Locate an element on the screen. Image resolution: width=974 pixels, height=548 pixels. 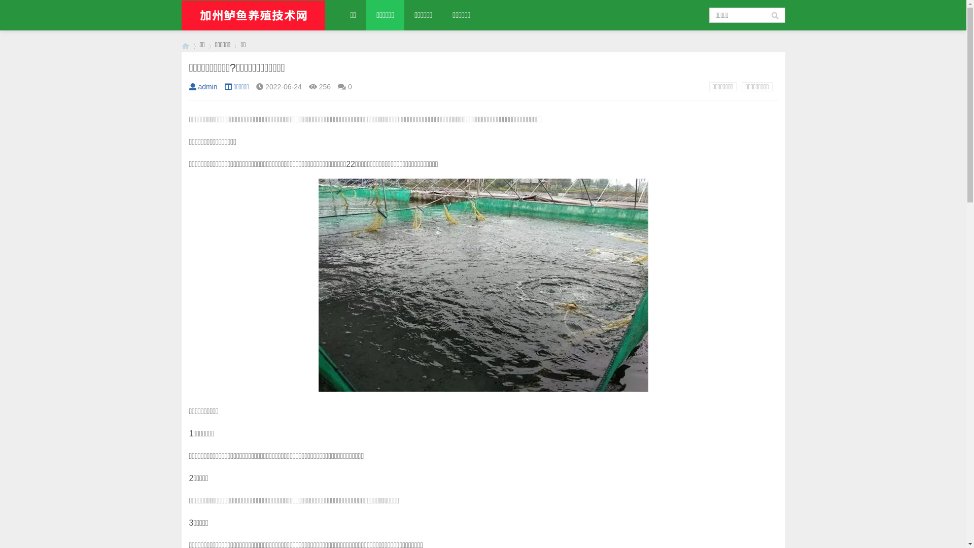
'admin' is located at coordinates (189, 86).